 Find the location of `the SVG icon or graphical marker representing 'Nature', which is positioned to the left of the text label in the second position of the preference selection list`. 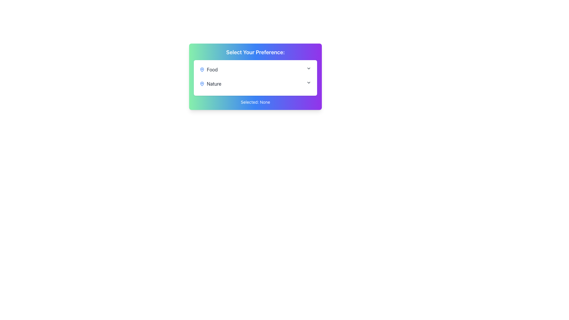

the SVG icon or graphical marker representing 'Nature', which is positioned to the left of the text label in the second position of the preference selection list is located at coordinates (202, 83).